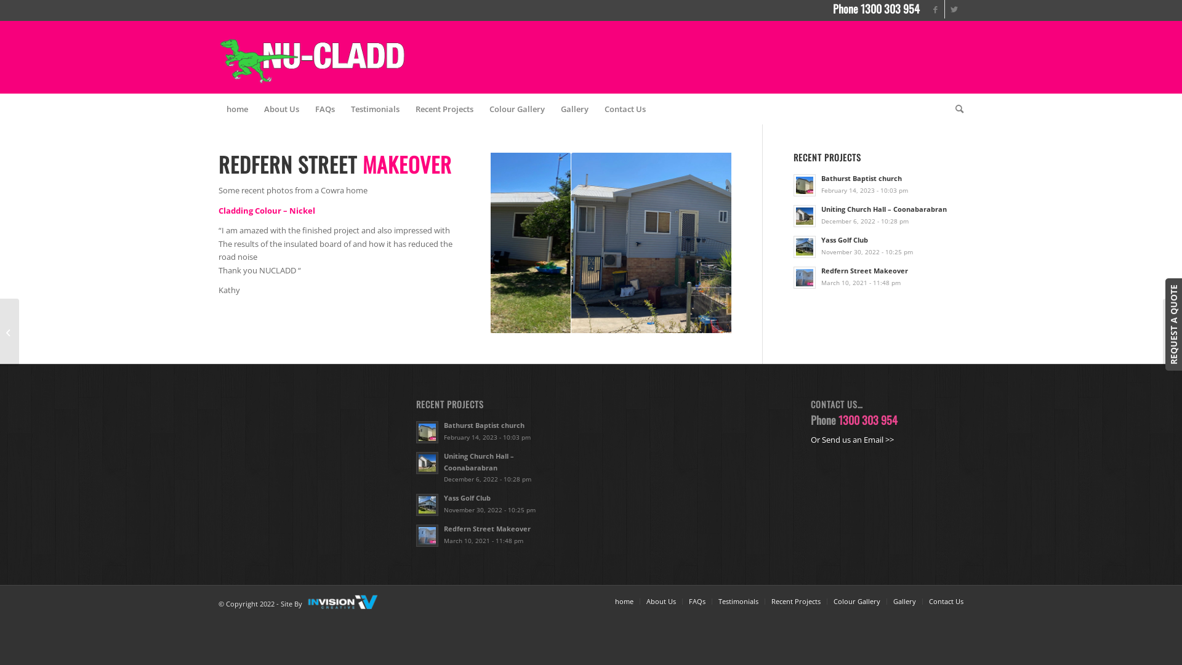 The height and width of the screenshot is (665, 1182). Describe the element at coordinates (877, 184) in the screenshot. I see `'Bathurst Baptist church` at that location.